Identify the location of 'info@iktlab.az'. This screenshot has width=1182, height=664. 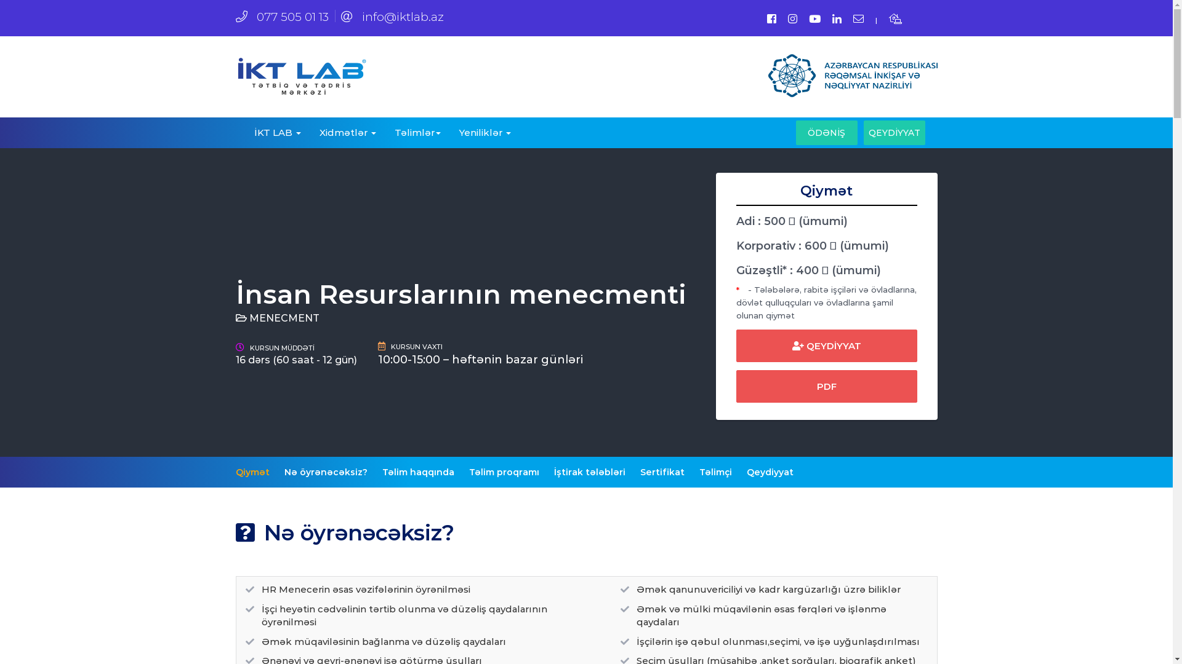
(392, 17).